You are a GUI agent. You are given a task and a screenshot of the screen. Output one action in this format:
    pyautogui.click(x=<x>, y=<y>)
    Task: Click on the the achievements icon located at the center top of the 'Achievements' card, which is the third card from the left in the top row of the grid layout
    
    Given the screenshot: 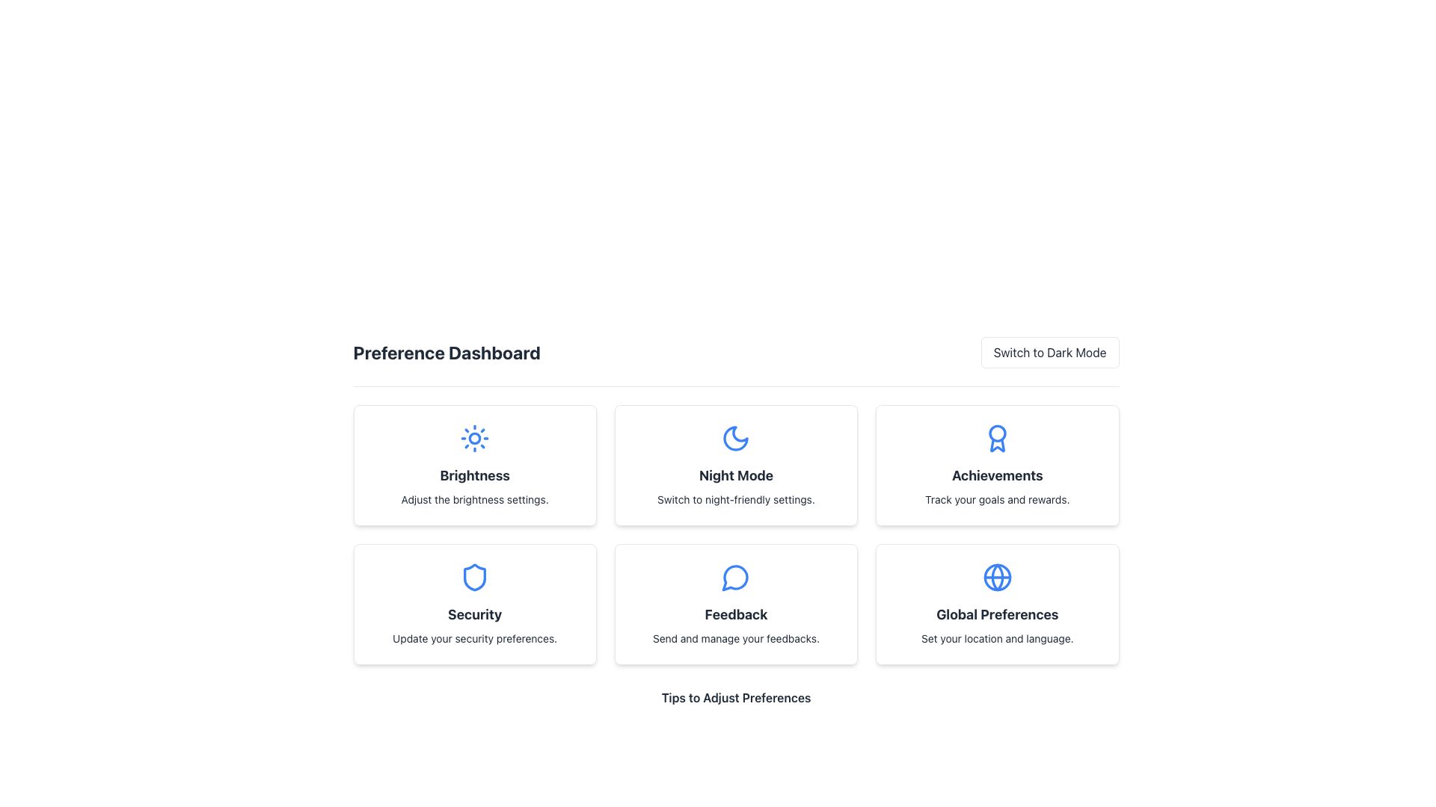 What is the action you would take?
    pyautogui.click(x=997, y=437)
    